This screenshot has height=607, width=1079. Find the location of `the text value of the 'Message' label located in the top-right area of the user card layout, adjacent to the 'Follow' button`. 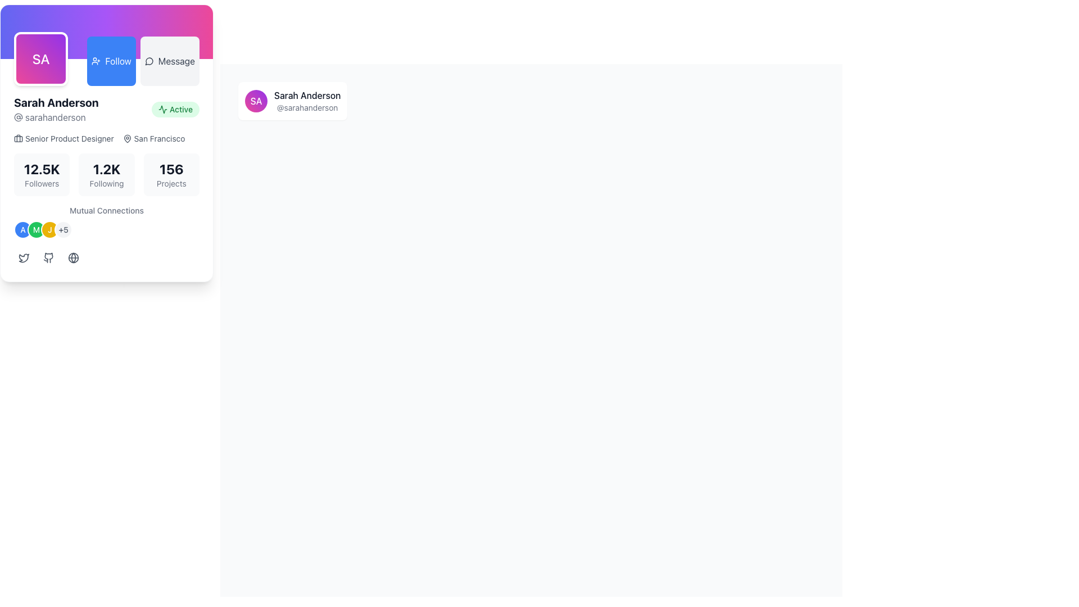

the text value of the 'Message' label located in the top-right area of the user card layout, adjacent to the 'Follow' button is located at coordinates (176, 61).